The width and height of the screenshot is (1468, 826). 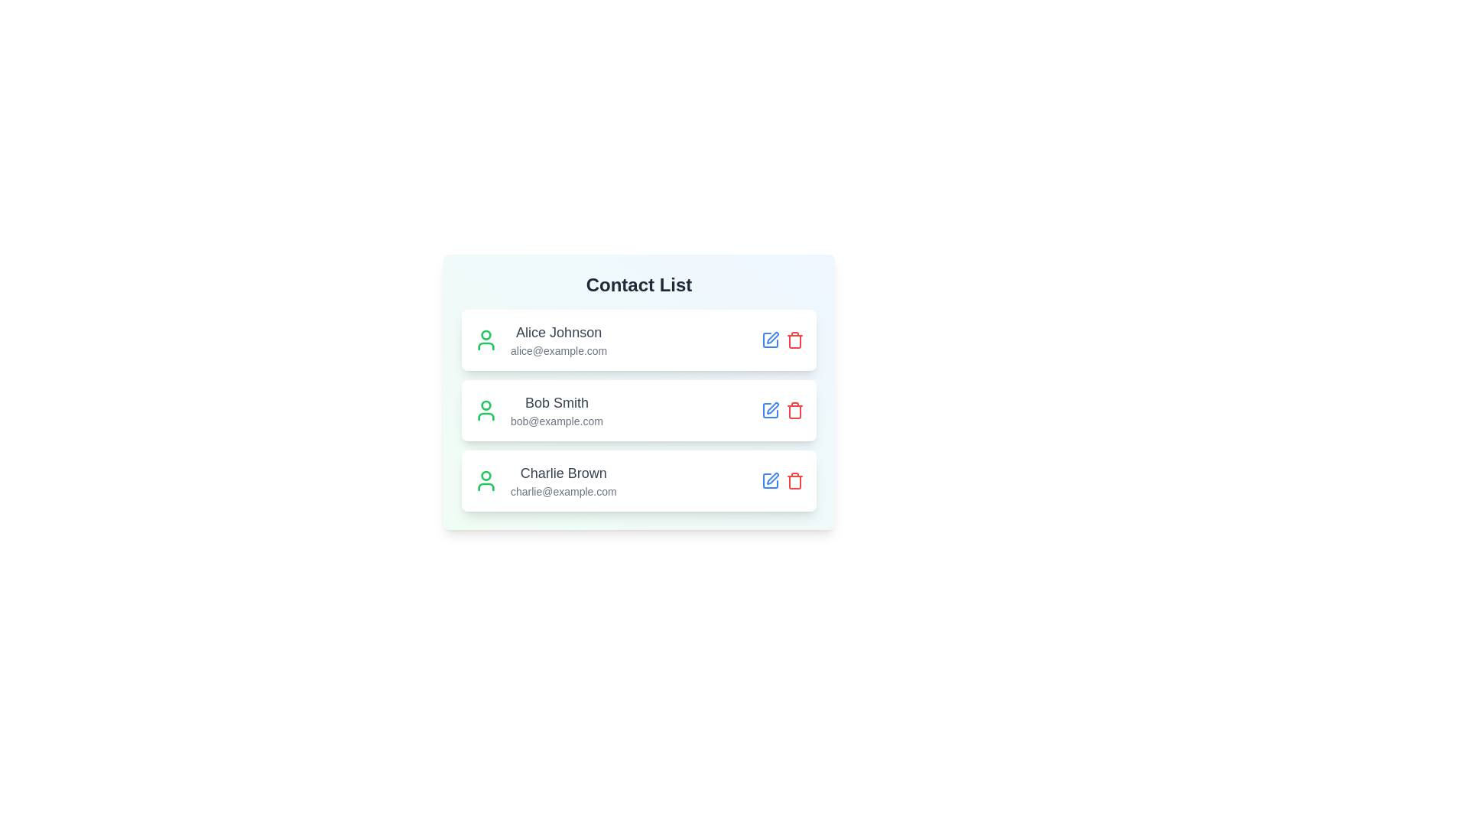 I want to click on the contact corresponding to the Bob Smith by clicking the associated delete button, so click(x=795, y=409).